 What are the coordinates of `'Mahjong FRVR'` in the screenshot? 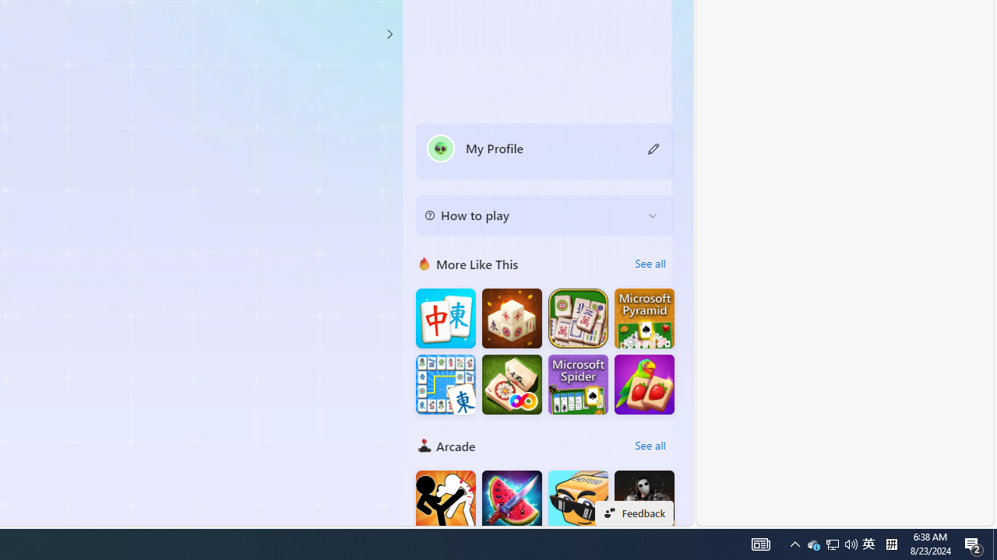 It's located at (512, 384).